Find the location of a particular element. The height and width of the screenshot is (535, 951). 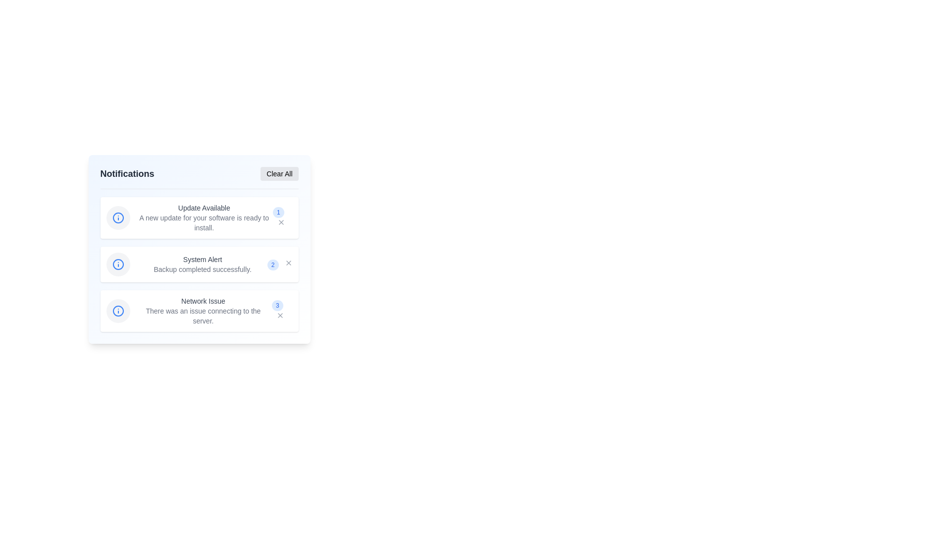

the close button represented by a small 'X' icon in the second notification card by is located at coordinates (288, 263).